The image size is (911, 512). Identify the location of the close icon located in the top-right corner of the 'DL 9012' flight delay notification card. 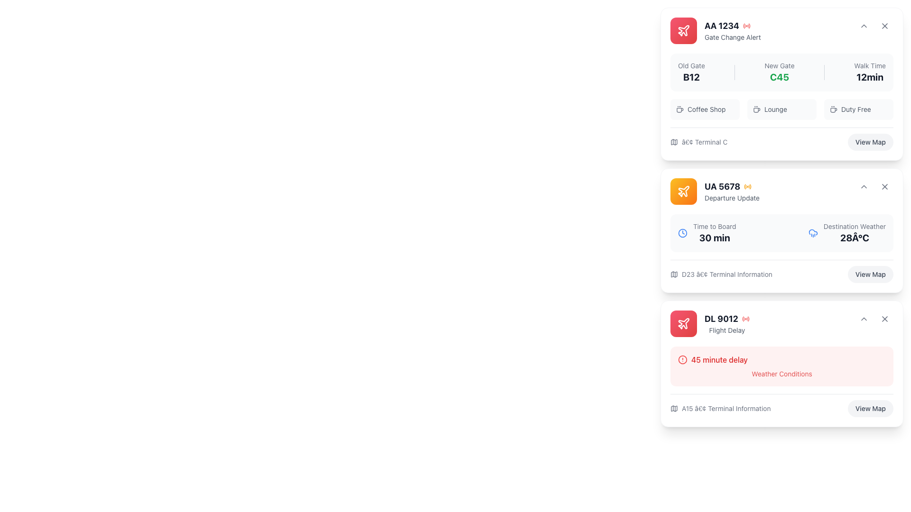
(884, 319).